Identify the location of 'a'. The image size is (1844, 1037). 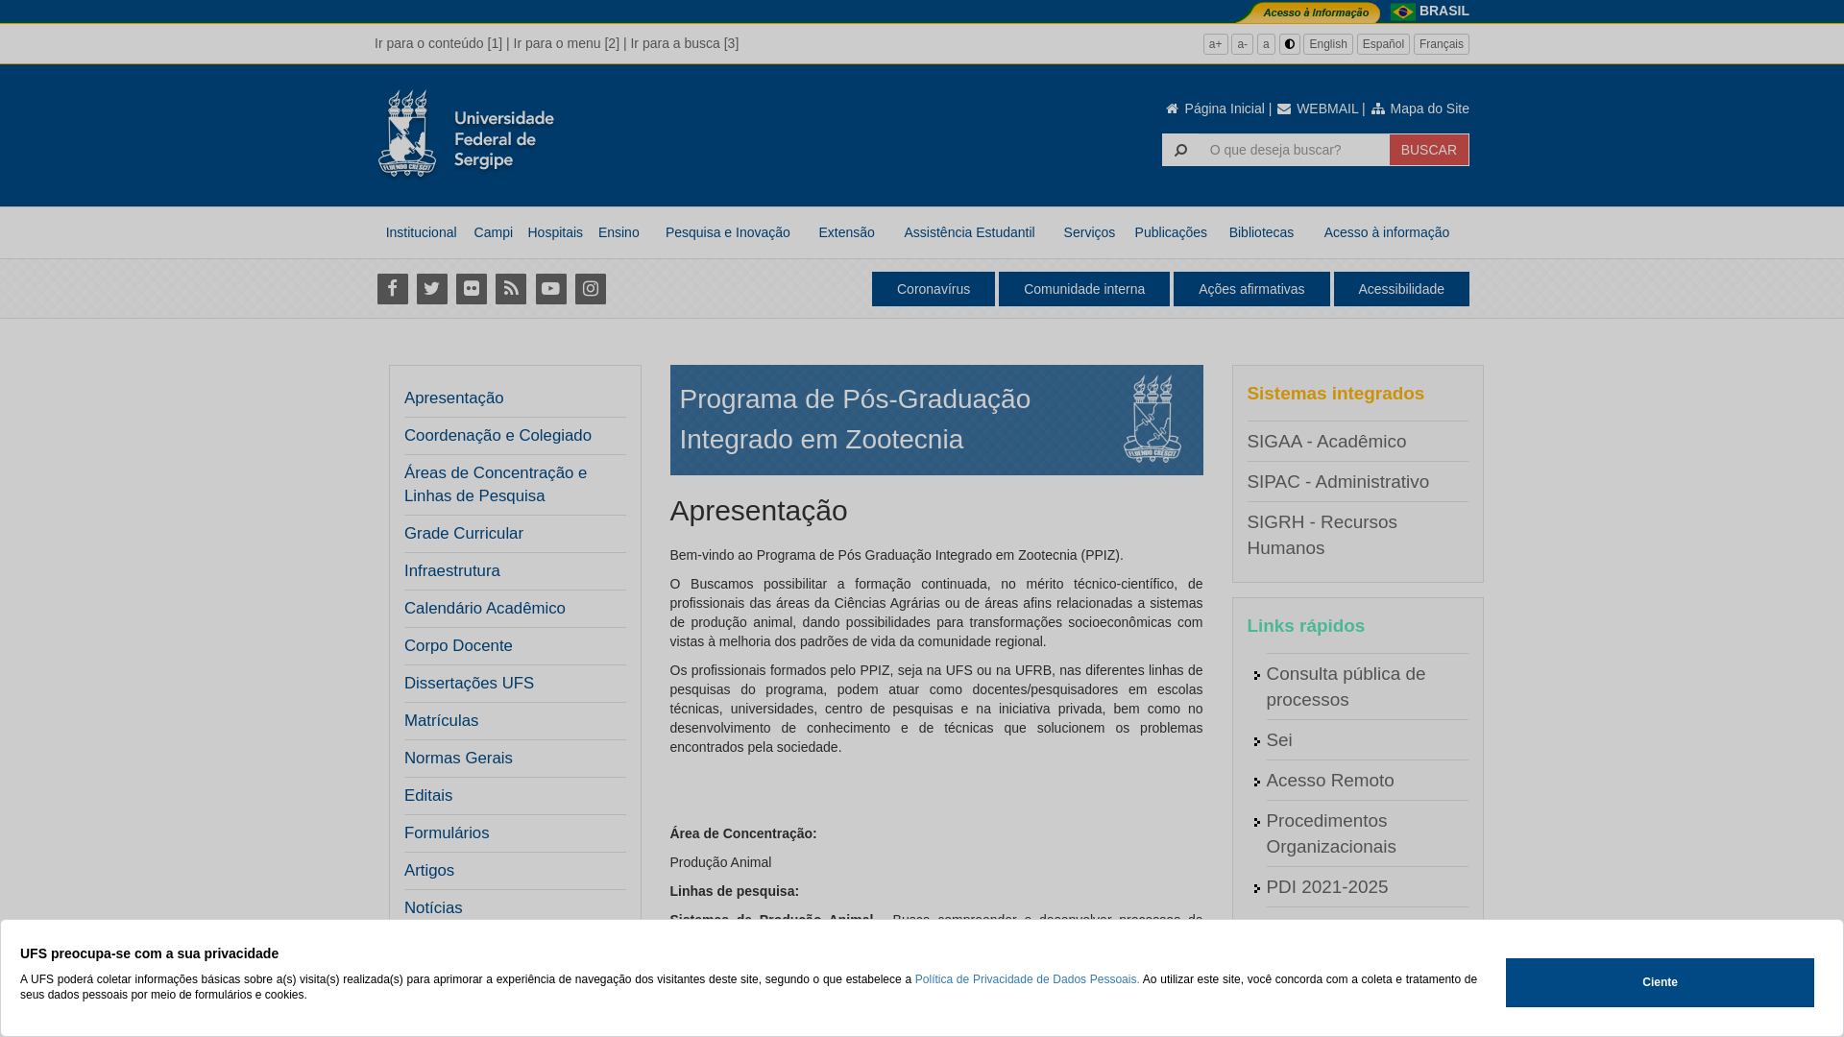
(1266, 43).